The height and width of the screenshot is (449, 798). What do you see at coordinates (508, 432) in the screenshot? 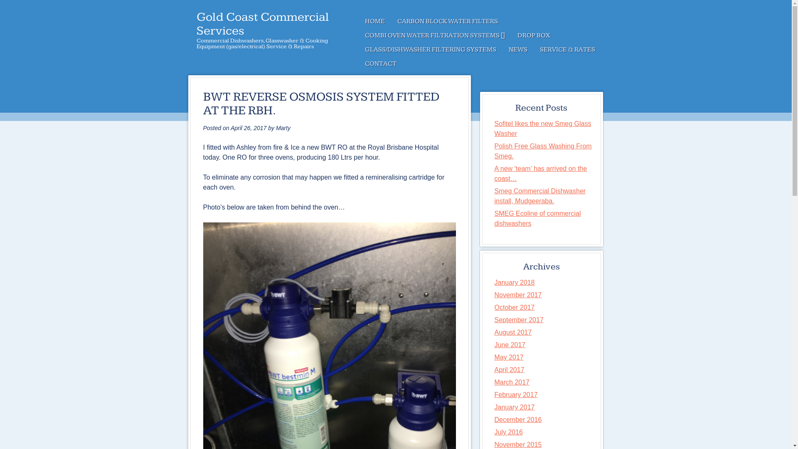
I see `'July 2016'` at bounding box center [508, 432].